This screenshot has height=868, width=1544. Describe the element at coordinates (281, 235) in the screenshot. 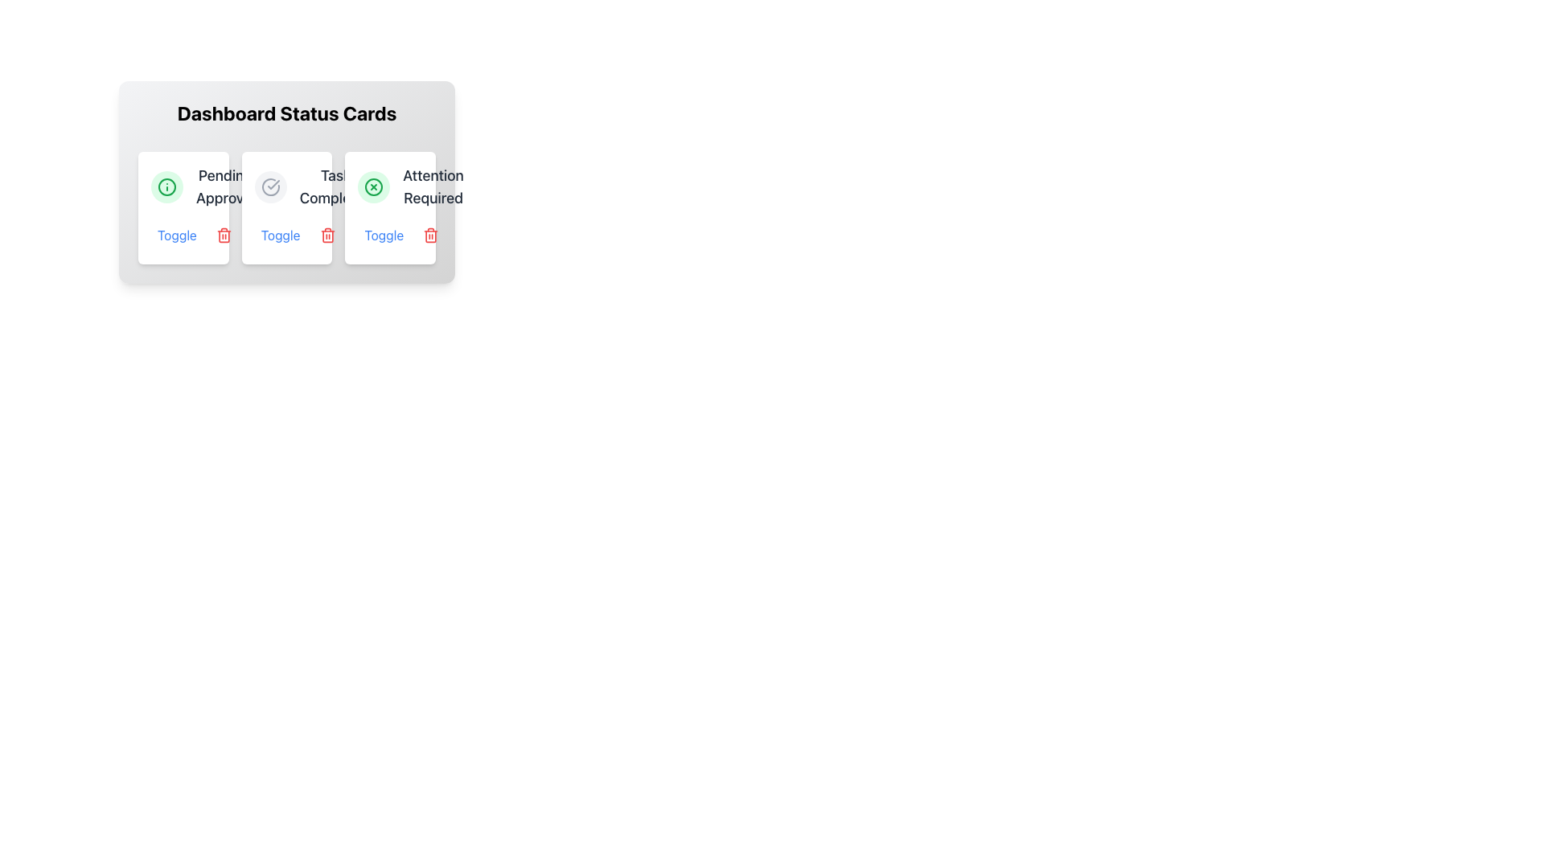

I see `the toggle button for controlling the 'Tasks Completed' status, located under the 'Tasks Completed' card in the 'Dashboard Status Cards' section` at that location.